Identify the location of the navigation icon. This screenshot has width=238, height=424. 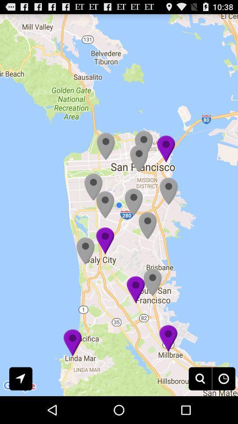
(21, 405).